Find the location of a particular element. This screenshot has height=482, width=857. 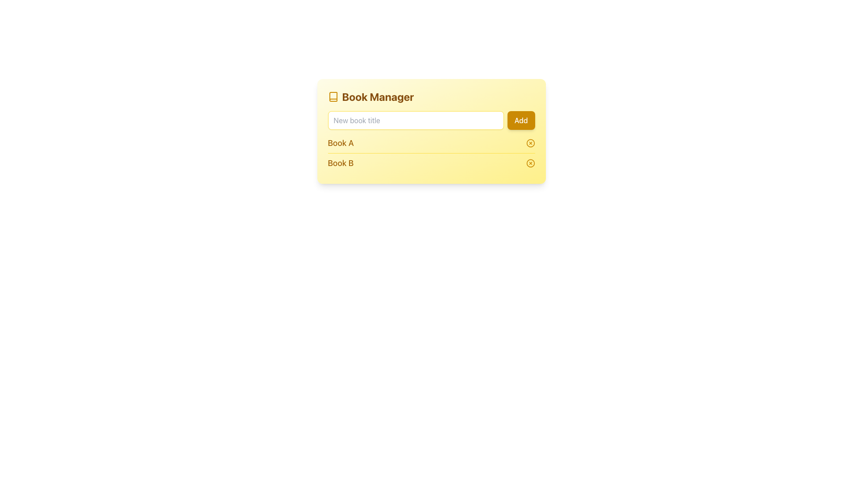

the 'remove' button associated with the book entry 'Book B' is located at coordinates (530, 163).